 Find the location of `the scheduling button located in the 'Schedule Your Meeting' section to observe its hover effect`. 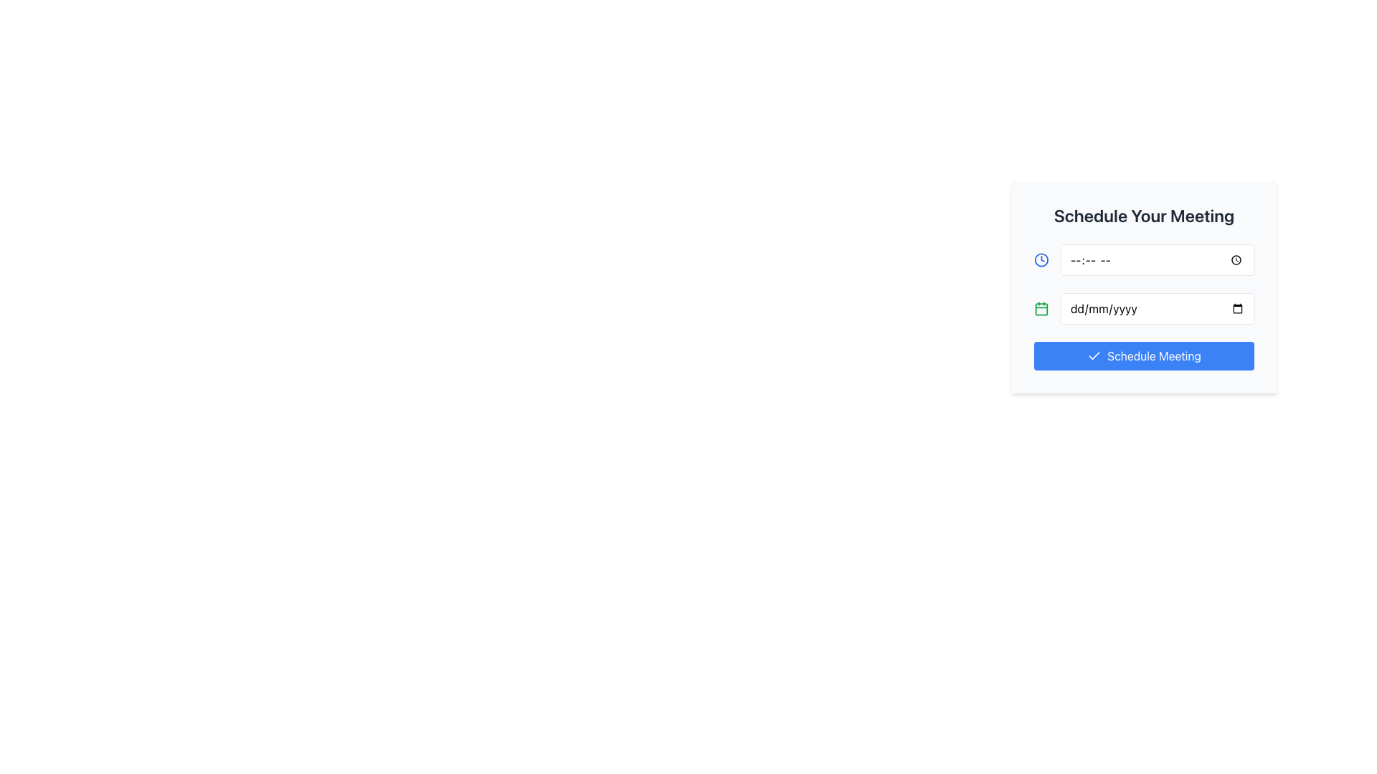

the scheduling button located in the 'Schedule Your Meeting' section to observe its hover effect is located at coordinates (1143, 355).